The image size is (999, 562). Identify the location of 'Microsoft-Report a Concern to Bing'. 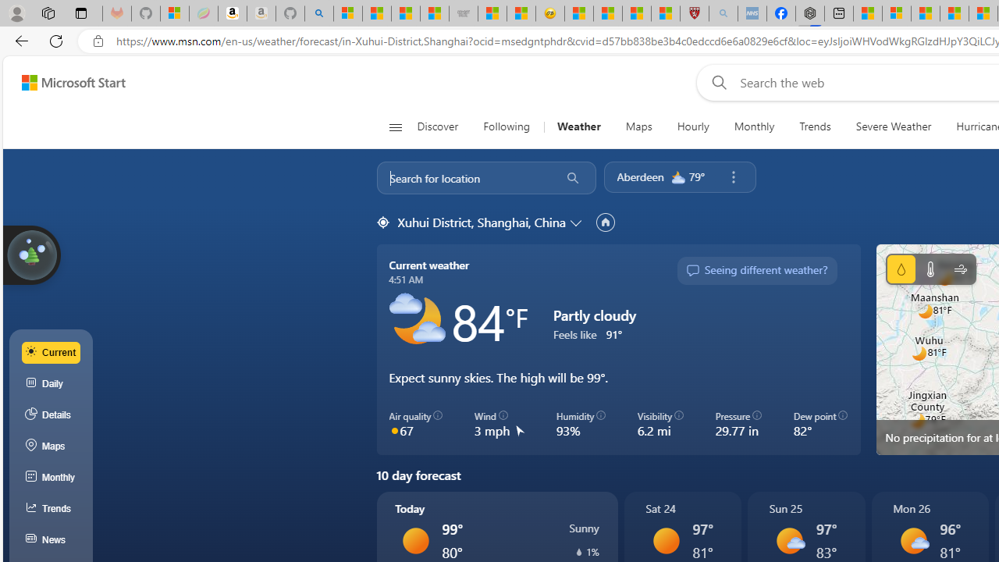
(175, 13).